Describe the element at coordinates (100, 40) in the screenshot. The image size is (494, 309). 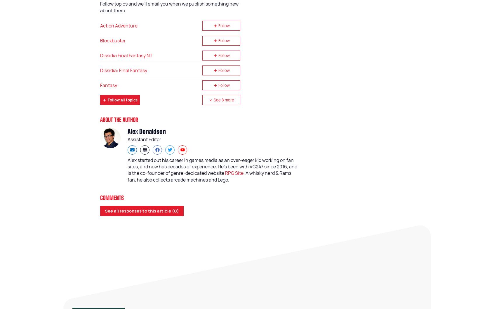
I see `'Blockbuster'` at that location.